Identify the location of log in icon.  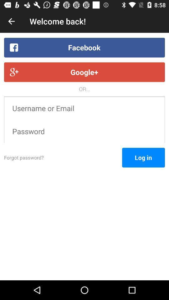
(143, 157).